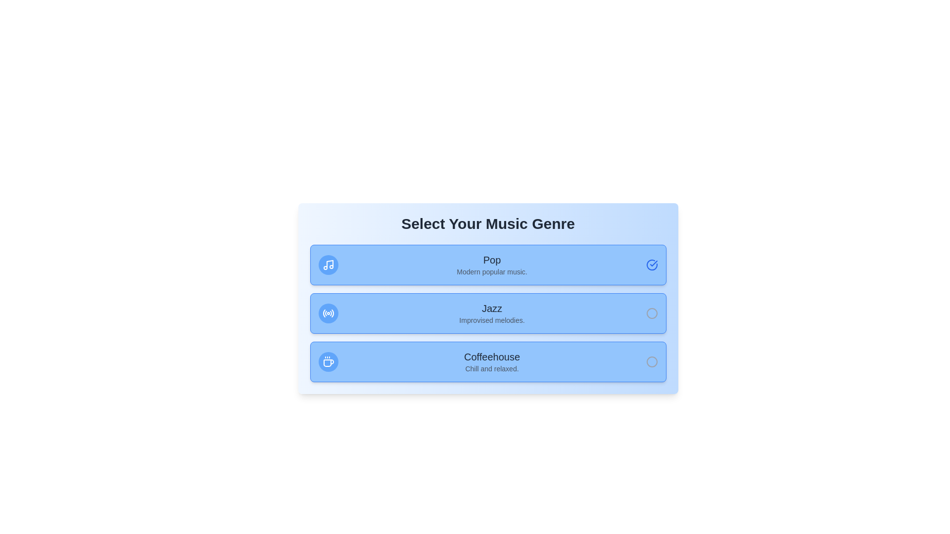  What do you see at coordinates (488, 298) in the screenshot?
I see `descriptive text associated with the Jazz music genre option in the selectable list, which is the second option under 'Select Your Music Genre'` at bounding box center [488, 298].